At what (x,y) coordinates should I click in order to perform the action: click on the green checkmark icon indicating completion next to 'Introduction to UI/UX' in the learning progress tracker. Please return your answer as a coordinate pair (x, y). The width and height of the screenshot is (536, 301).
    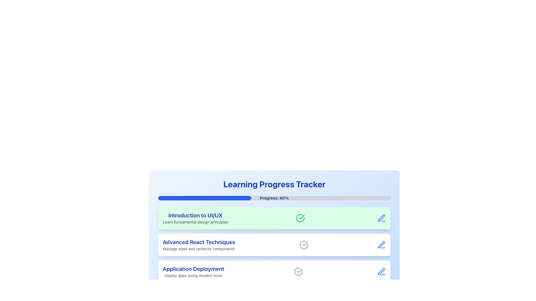
    Looking at the image, I should click on (305, 244).